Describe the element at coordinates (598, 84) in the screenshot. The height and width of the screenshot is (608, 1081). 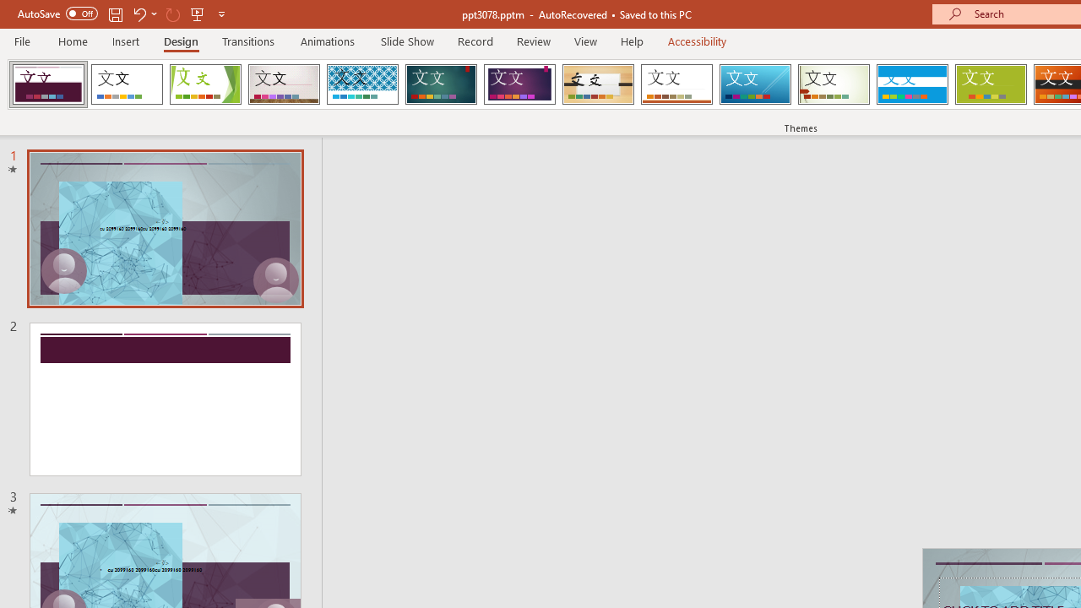
I see `'Organic'` at that location.